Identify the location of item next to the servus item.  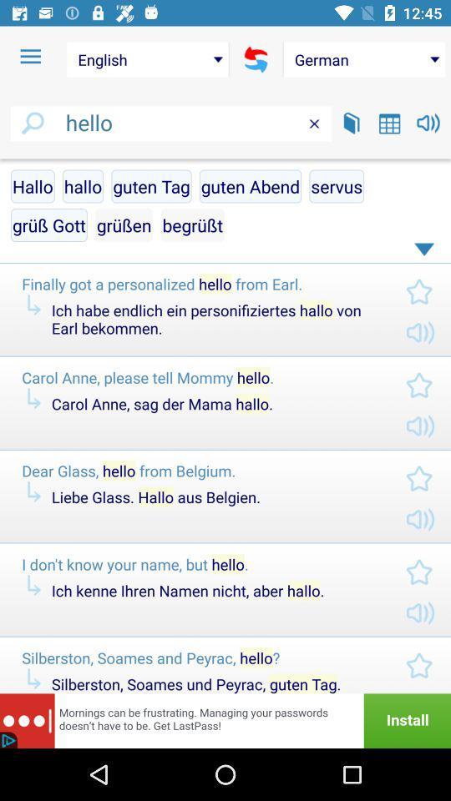
(191, 224).